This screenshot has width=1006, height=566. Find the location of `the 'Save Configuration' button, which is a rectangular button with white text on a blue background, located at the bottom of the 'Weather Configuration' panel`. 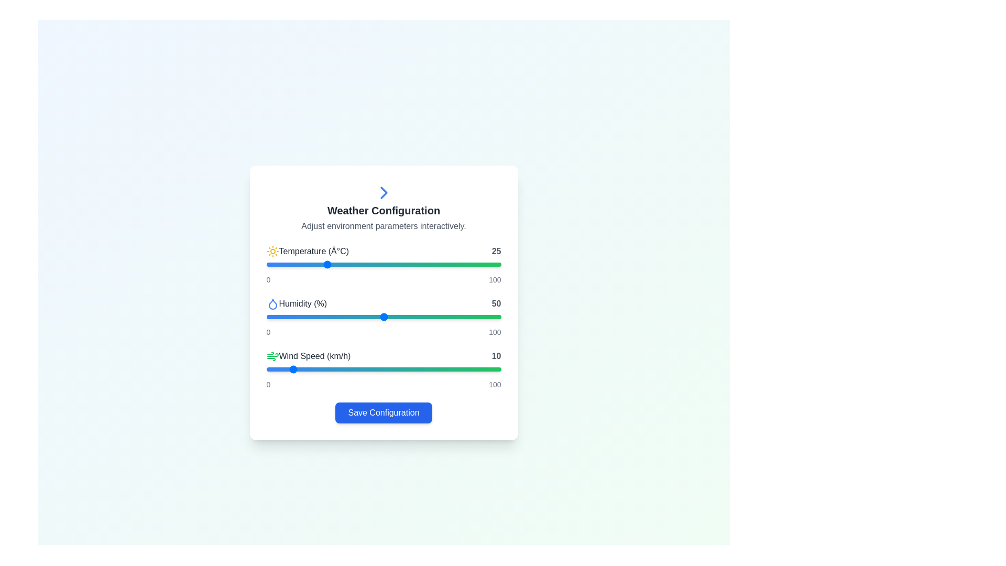

the 'Save Configuration' button, which is a rectangular button with white text on a blue background, located at the bottom of the 'Weather Configuration' panel is located at coordinates (383, 412).